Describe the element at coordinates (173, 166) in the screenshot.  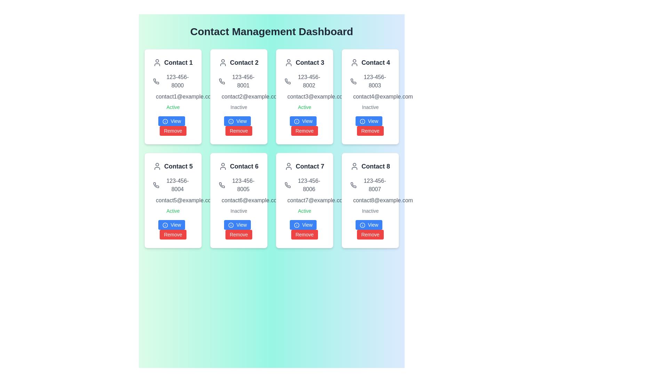
I see `the Text label displaying the name of the contact in the contact card labeled 'Contact 5', which is positioned at the top of the second row in the grid of contact cards` at that location.